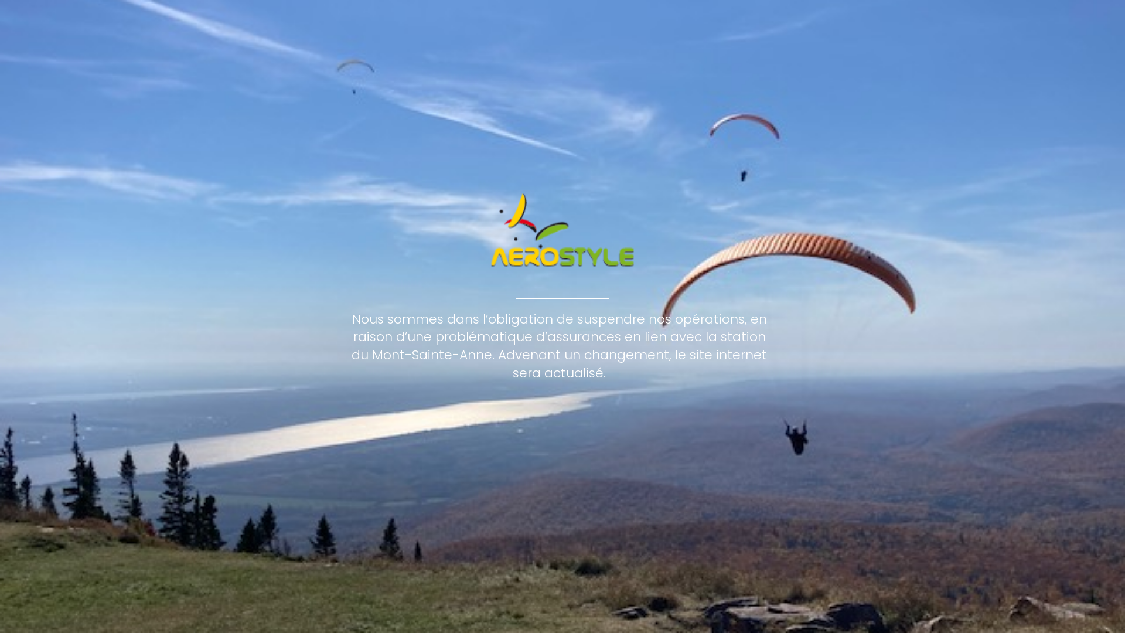 The height and width of the screenshot is (633, 1125). Describe the element at coordinates (562, 230) in the screenshot. I see `'aerostyle'` at that location.